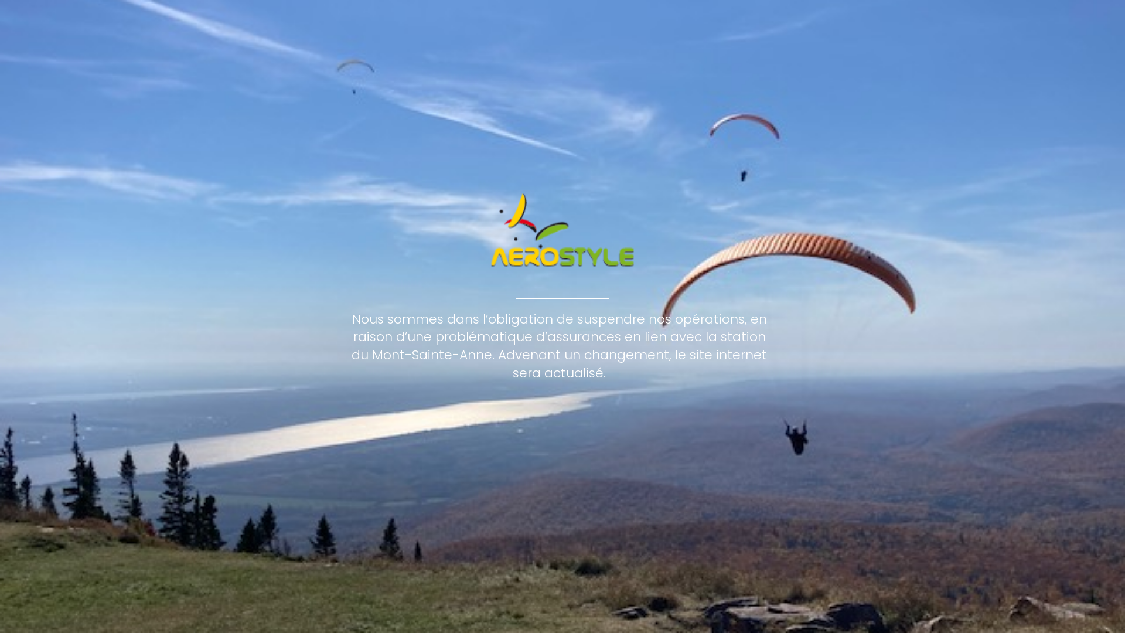 The height and width of the screenshot is (633, 1125). Describe the element at coordinates (562, 230) in the screenshot. I see `'aerostyle'` at that location.